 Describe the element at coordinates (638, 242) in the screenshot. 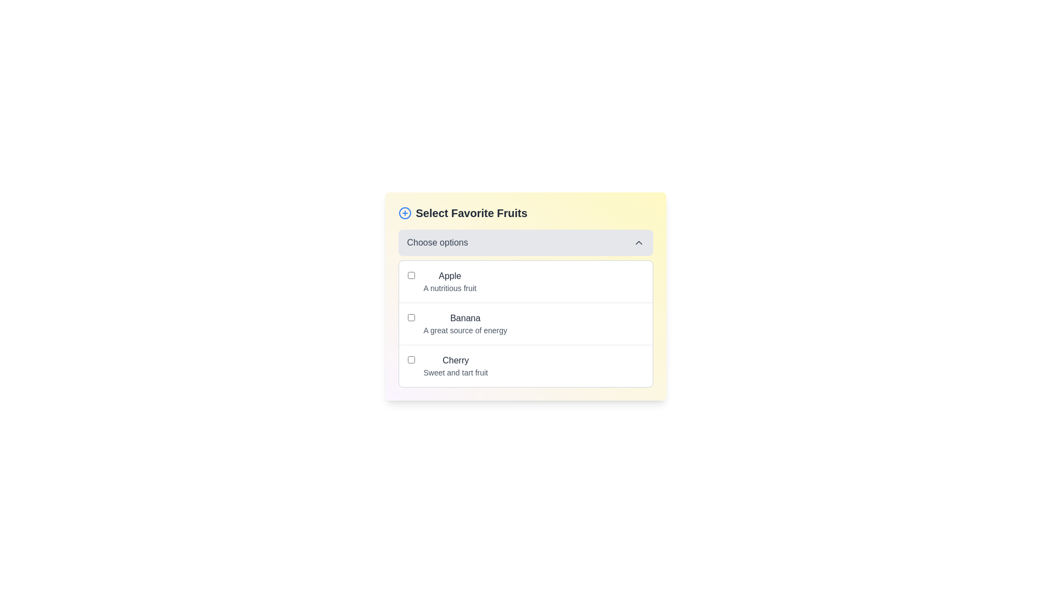

I see `the upward-pointing triangle icon button located in the rightmost part of the 'Choose options' box` at that location.